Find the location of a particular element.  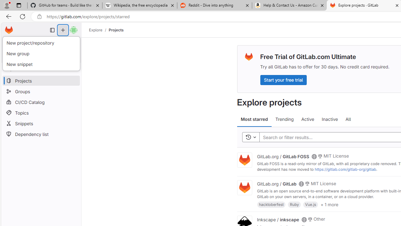

'All' is located at coordinates (348, 119).